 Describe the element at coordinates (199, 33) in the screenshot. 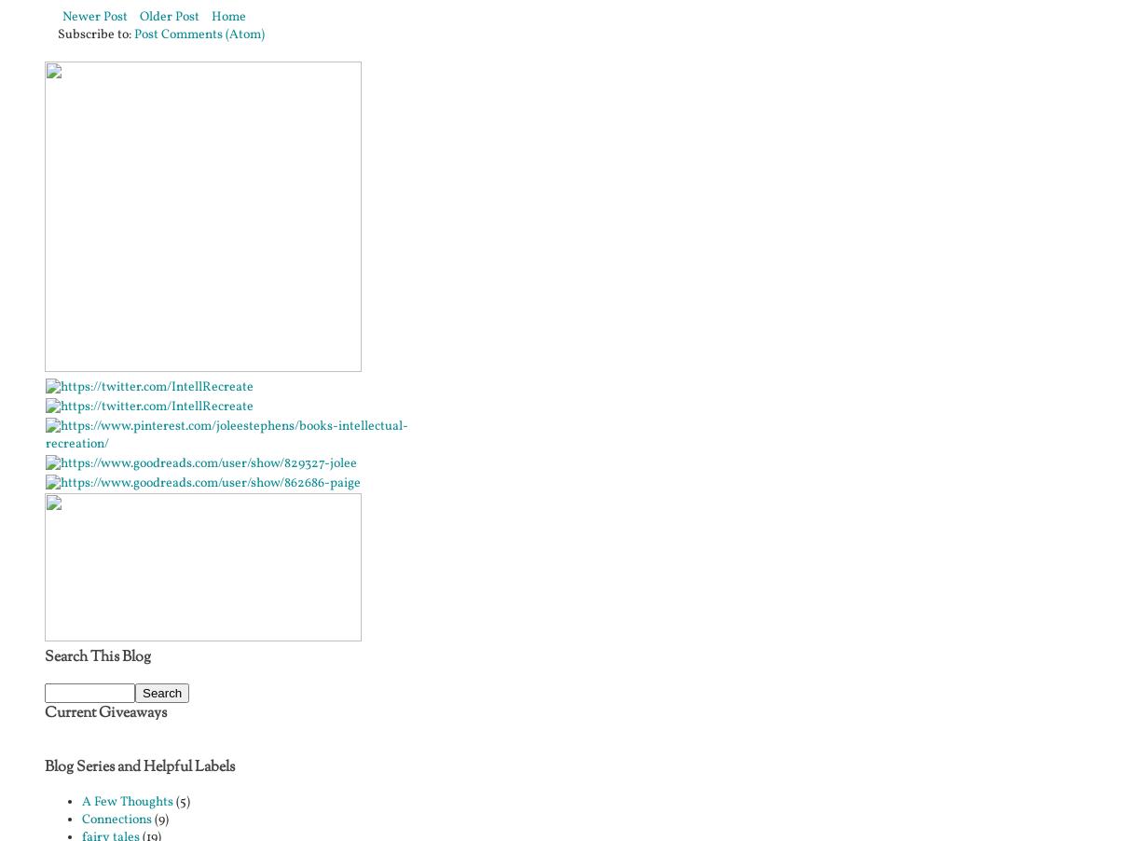

I see `'Post Comments (Atom)'` at that location.